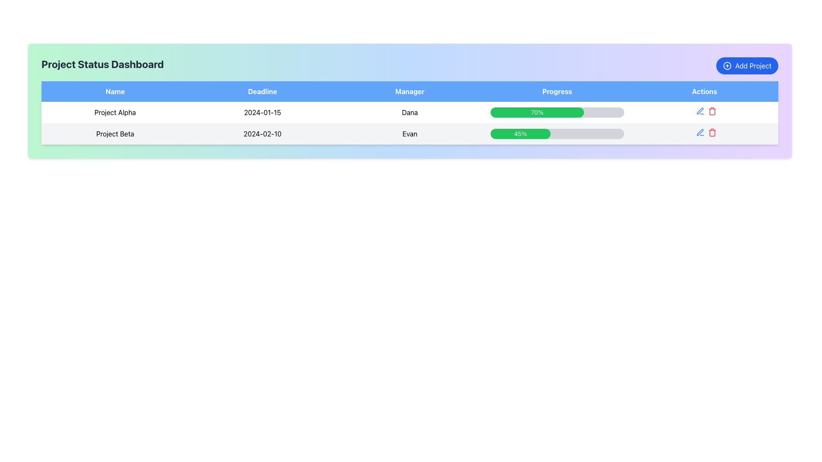 The height and width of the screenshot is (462, 822). Describe the element at coordinates (727, 65) in the screenshot. I see `the 'Add Project' SVG icon located to the left of the 'Add Project' text in the blue button at the top-right corner of the interface` at that location.